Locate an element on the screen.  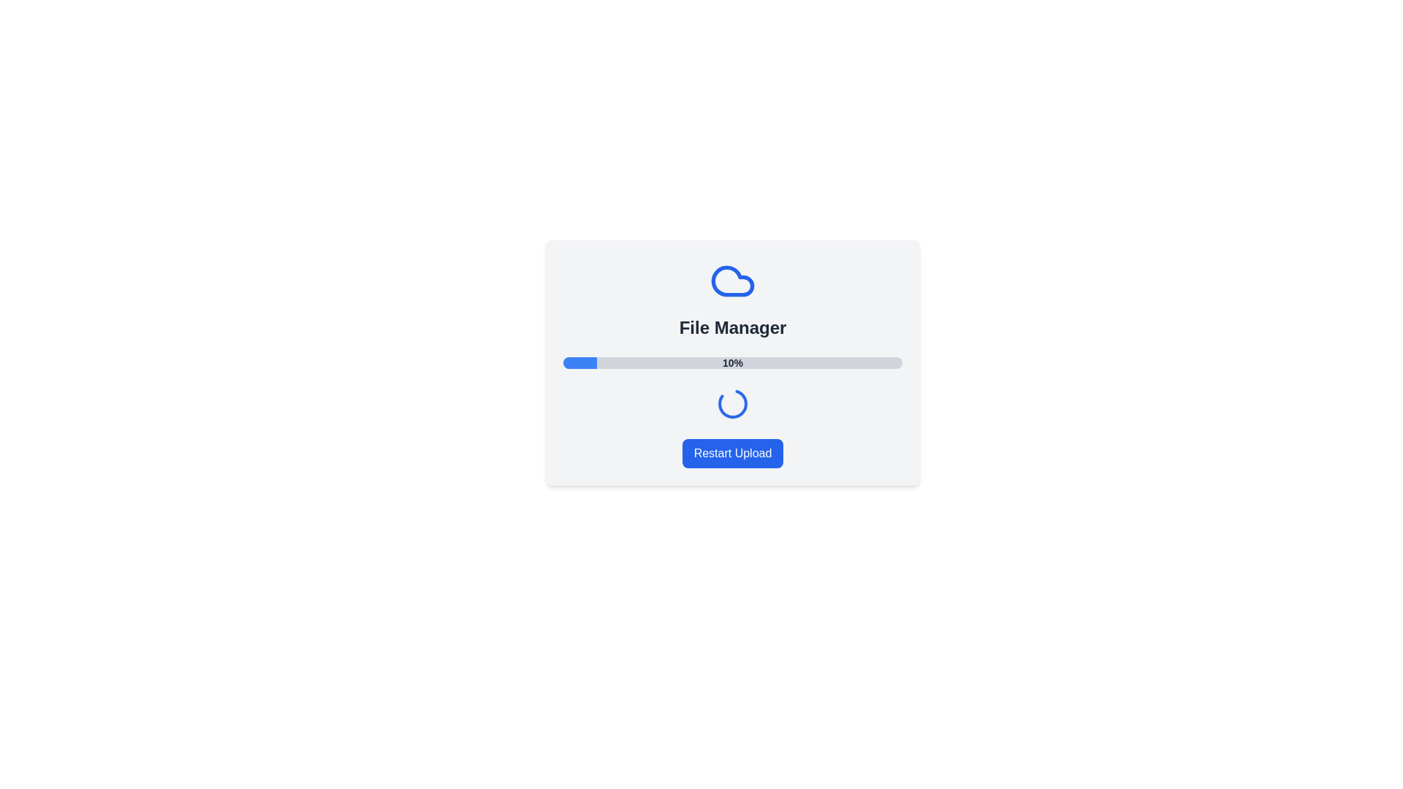
the blue 'Restart Upload' button with white text to restart the upload process is located at coordinates (733, 453).